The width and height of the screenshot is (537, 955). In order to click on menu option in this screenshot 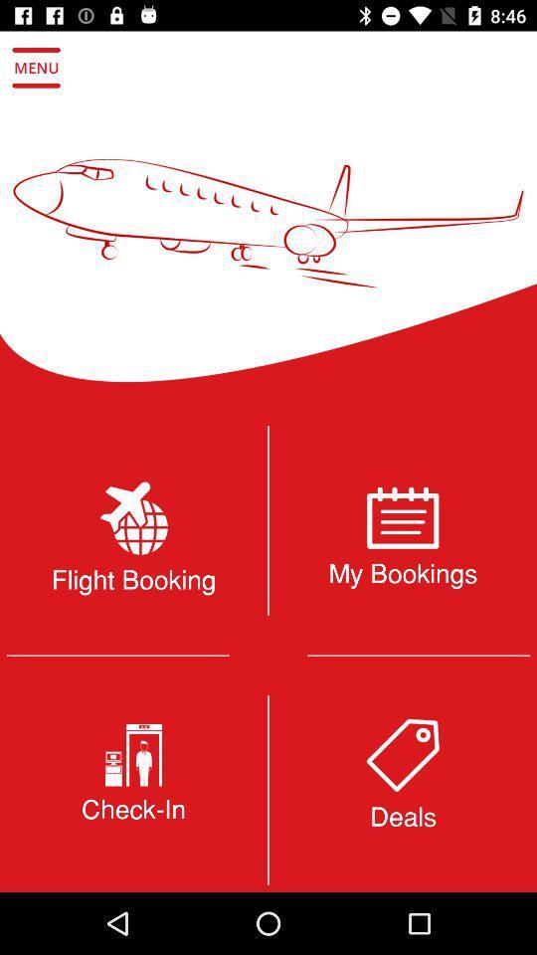, I will do `click(36, 68)`.